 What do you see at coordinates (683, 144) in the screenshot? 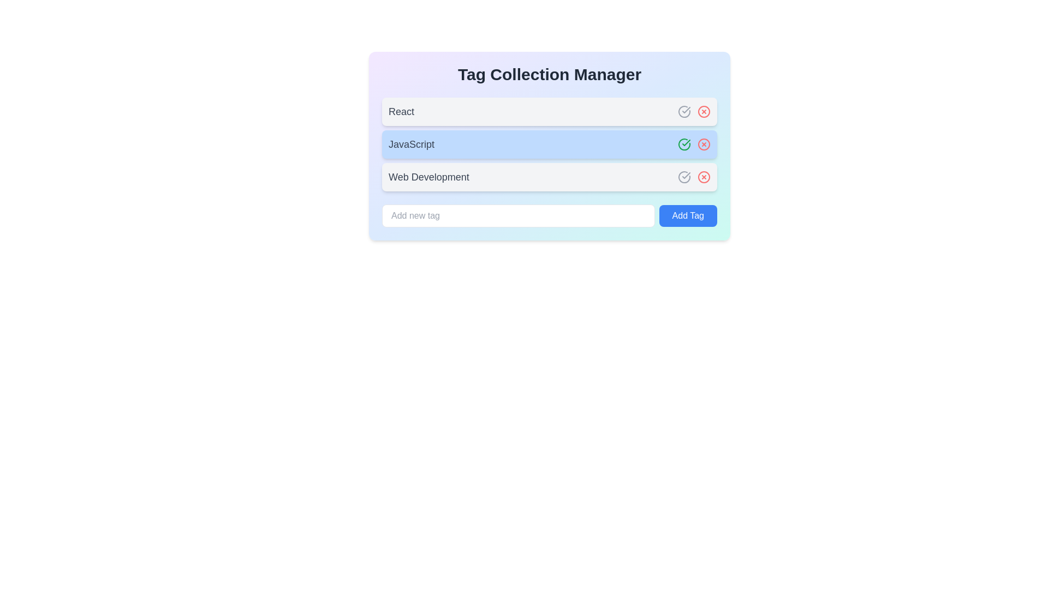
I see `the Checkmark Circle icon` at bounding box center [683, 144].